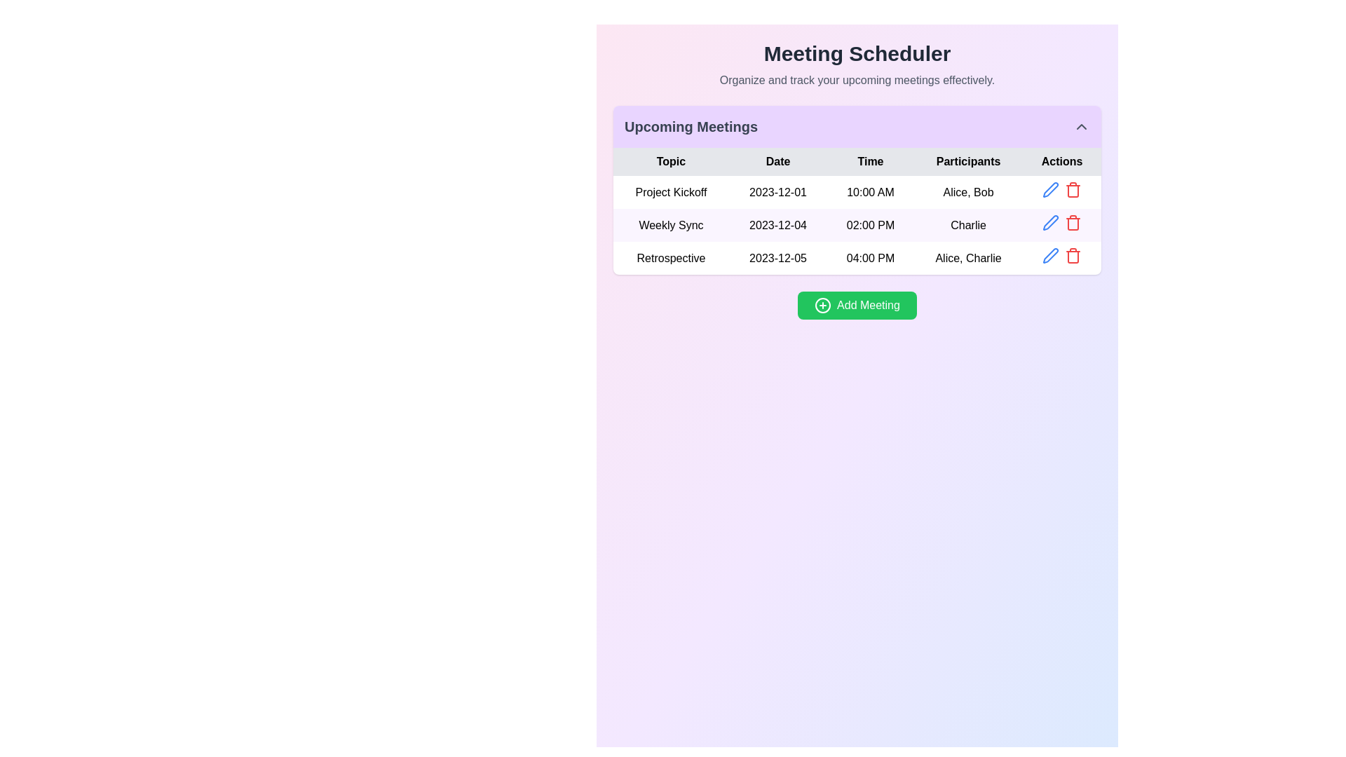  Describe the element at coordinates (967, 192) in the screenshot. I see `static text label displaying 'Alice, Bob' located in the 'Participants' column of the 'Project Kickoff' meeting row` at that location.